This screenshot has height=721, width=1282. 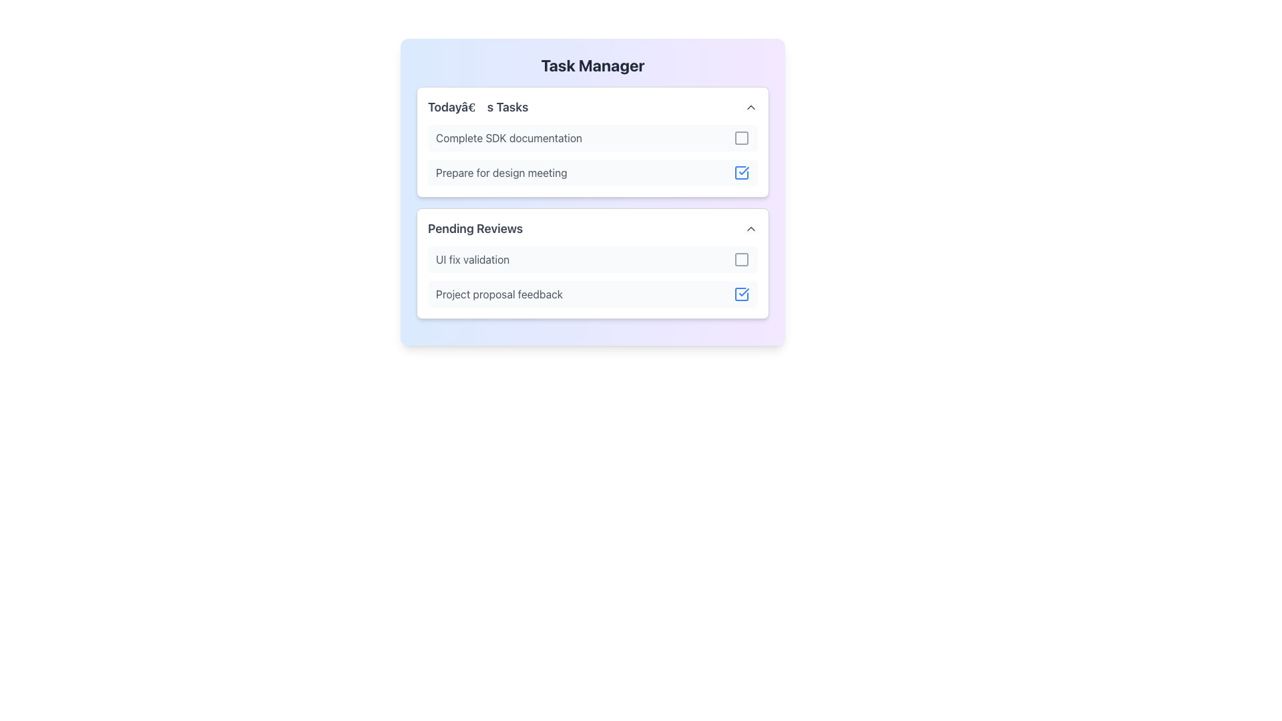 What do you see at coordinates (740, 138) in the screenshot?
I see `the checkbox located next to the 'Complete SDK documentation' text in the 'Today's Tasks' section` at bounding box center [740, 138].